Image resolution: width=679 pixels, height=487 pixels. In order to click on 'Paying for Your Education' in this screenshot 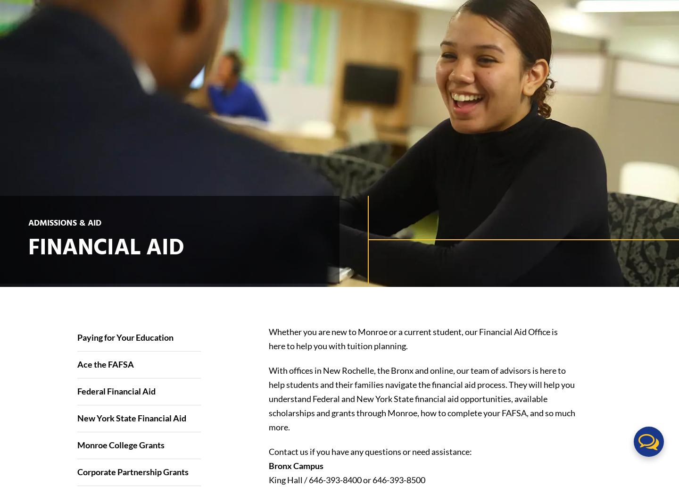, I will do `click(124, 336)`.